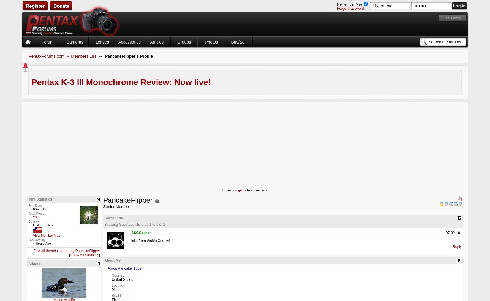 The width and height of the screenshot is (490, 301). What do you see at coordinates (113, 217) in the screenshot?
I see `'Guestbook'` at bounding box center [113, 217].